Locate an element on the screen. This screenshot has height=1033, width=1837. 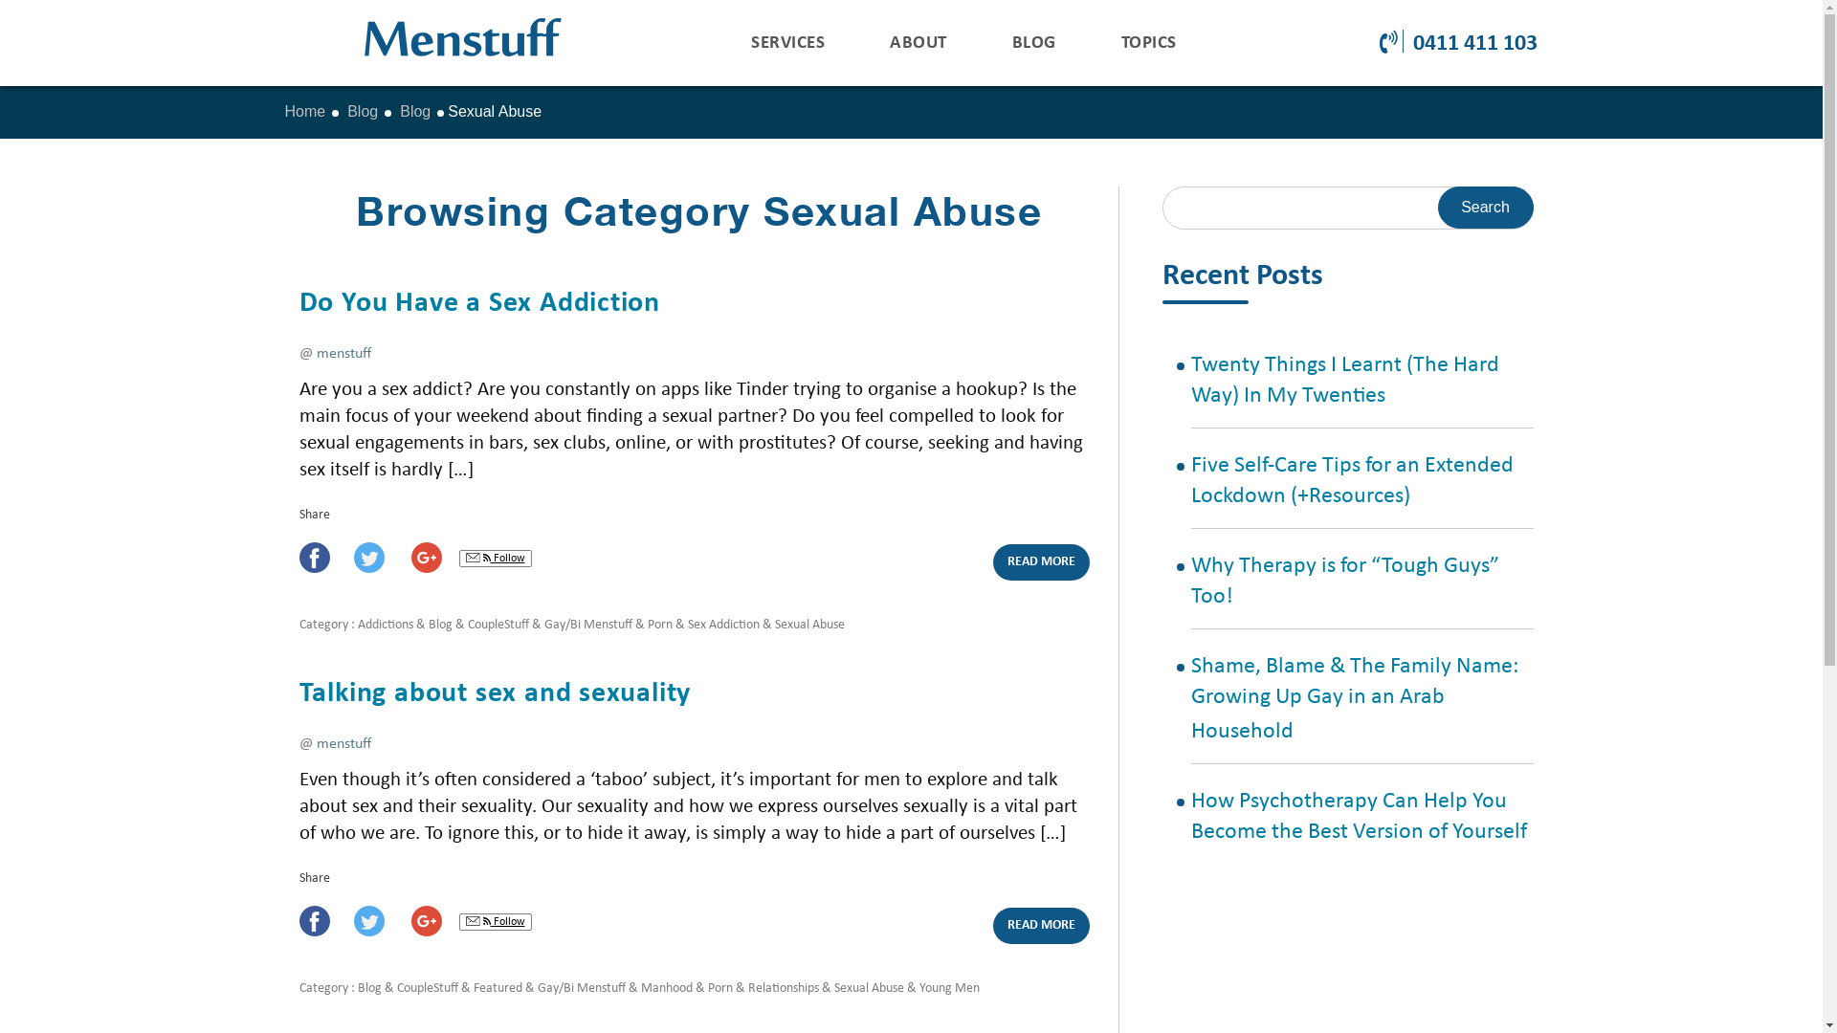
'Email, RSS' is located at coordinates (464, 559).